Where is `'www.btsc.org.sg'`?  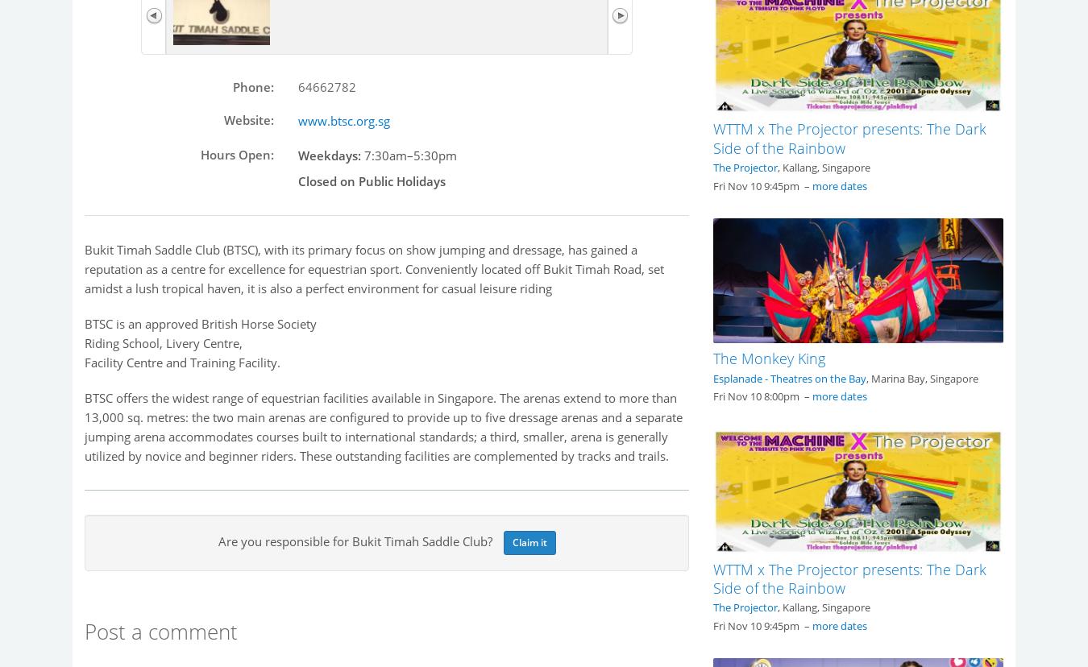 'www.btsc.org.sg' is located at coordinates (344, 121).